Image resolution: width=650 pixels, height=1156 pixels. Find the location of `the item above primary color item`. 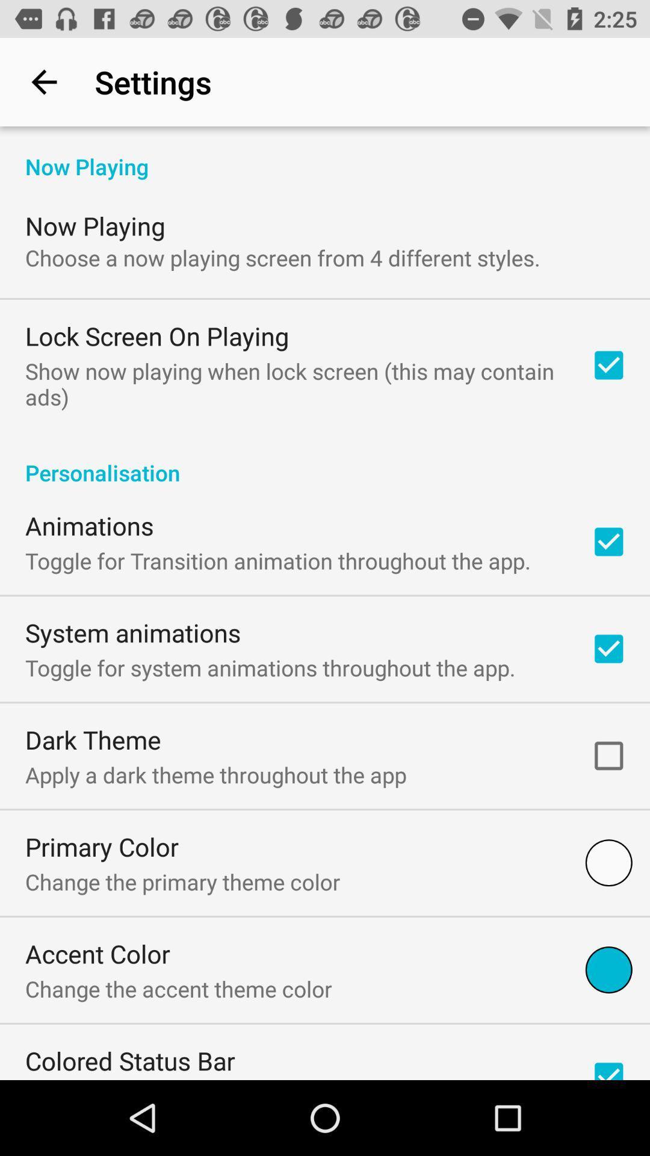

the item above primary color item is located at coordinates (215, 774).